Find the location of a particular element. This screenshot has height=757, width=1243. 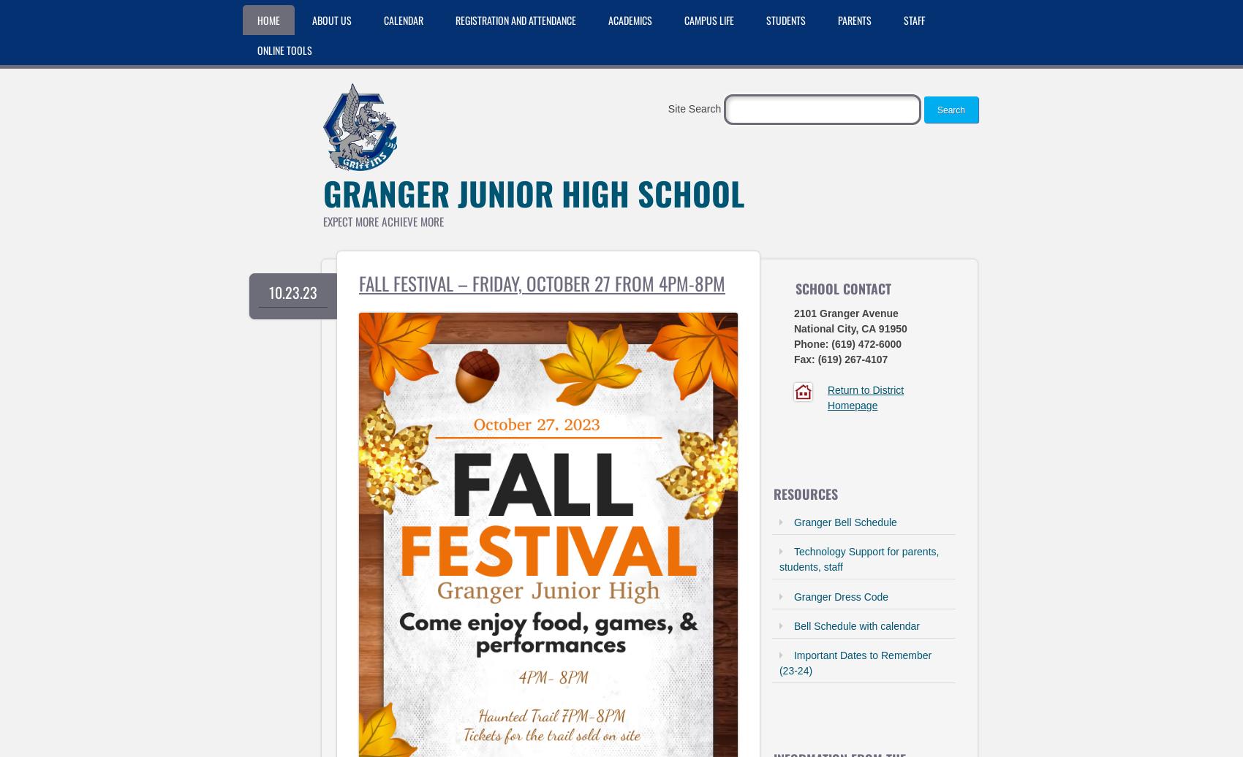

'2101 Granger Avenue' is located at coordinates (845, 313).